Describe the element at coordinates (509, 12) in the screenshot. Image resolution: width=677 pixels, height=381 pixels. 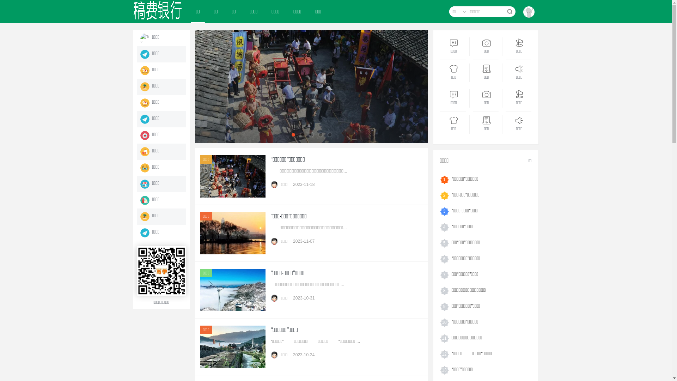
I see `'true'` at that location.